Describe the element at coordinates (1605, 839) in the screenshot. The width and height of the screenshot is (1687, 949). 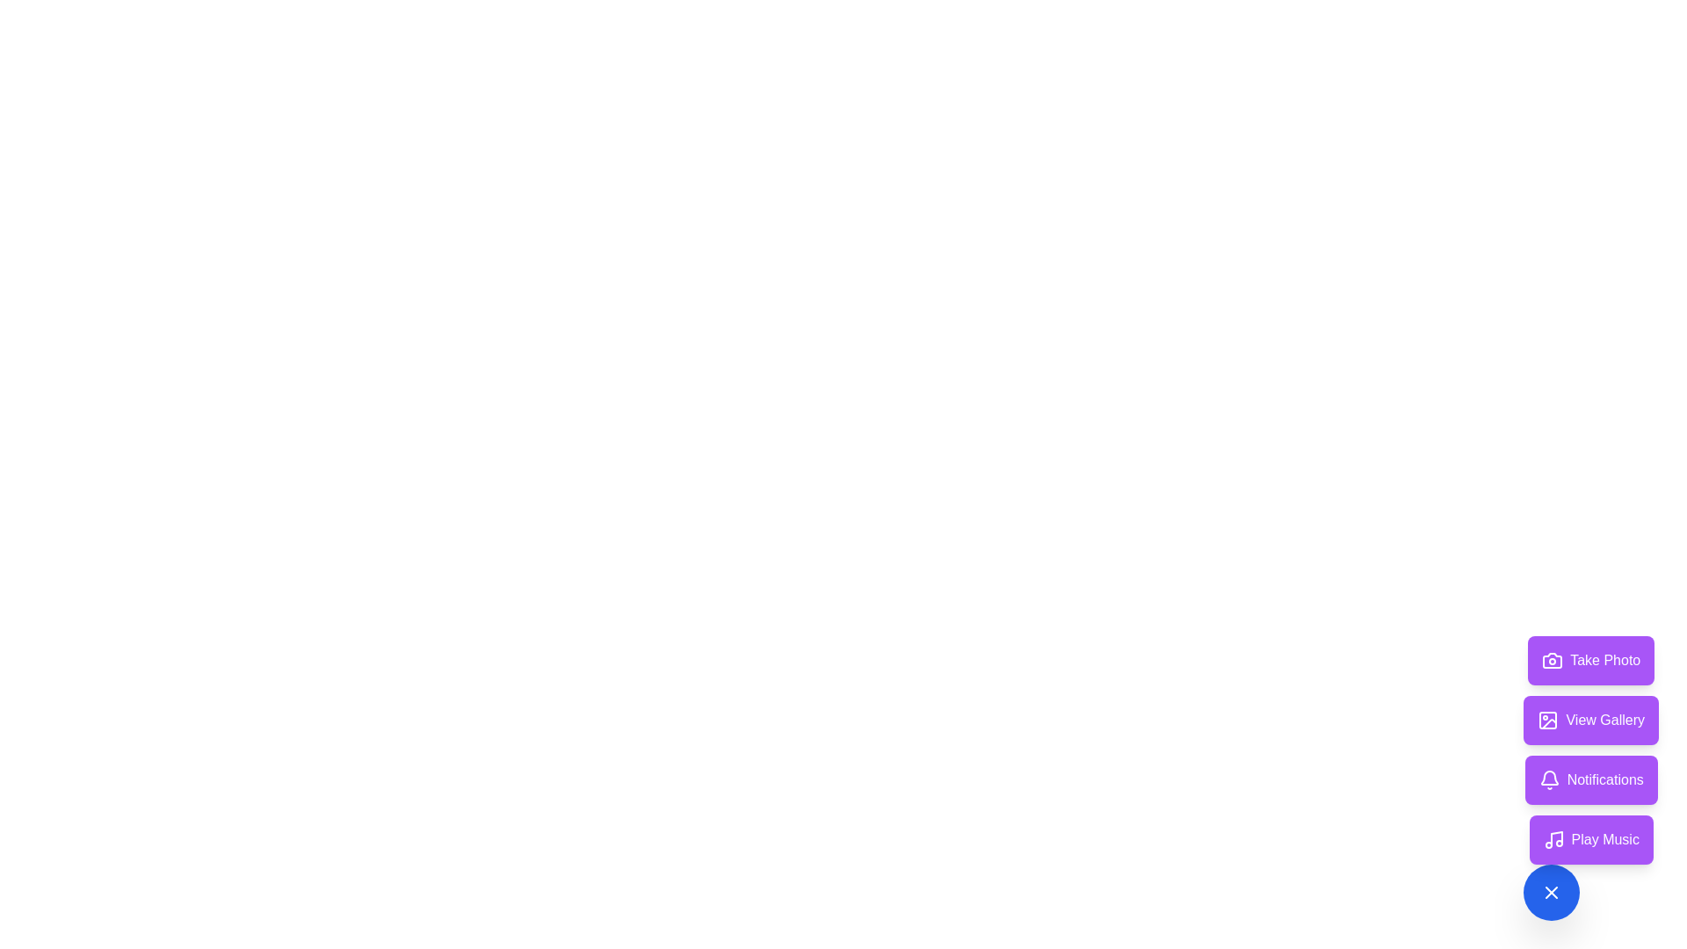
I see `the title label for the music play button located at the bottom right of the interface, which indicates its purpose with a musical note icon` at that location.